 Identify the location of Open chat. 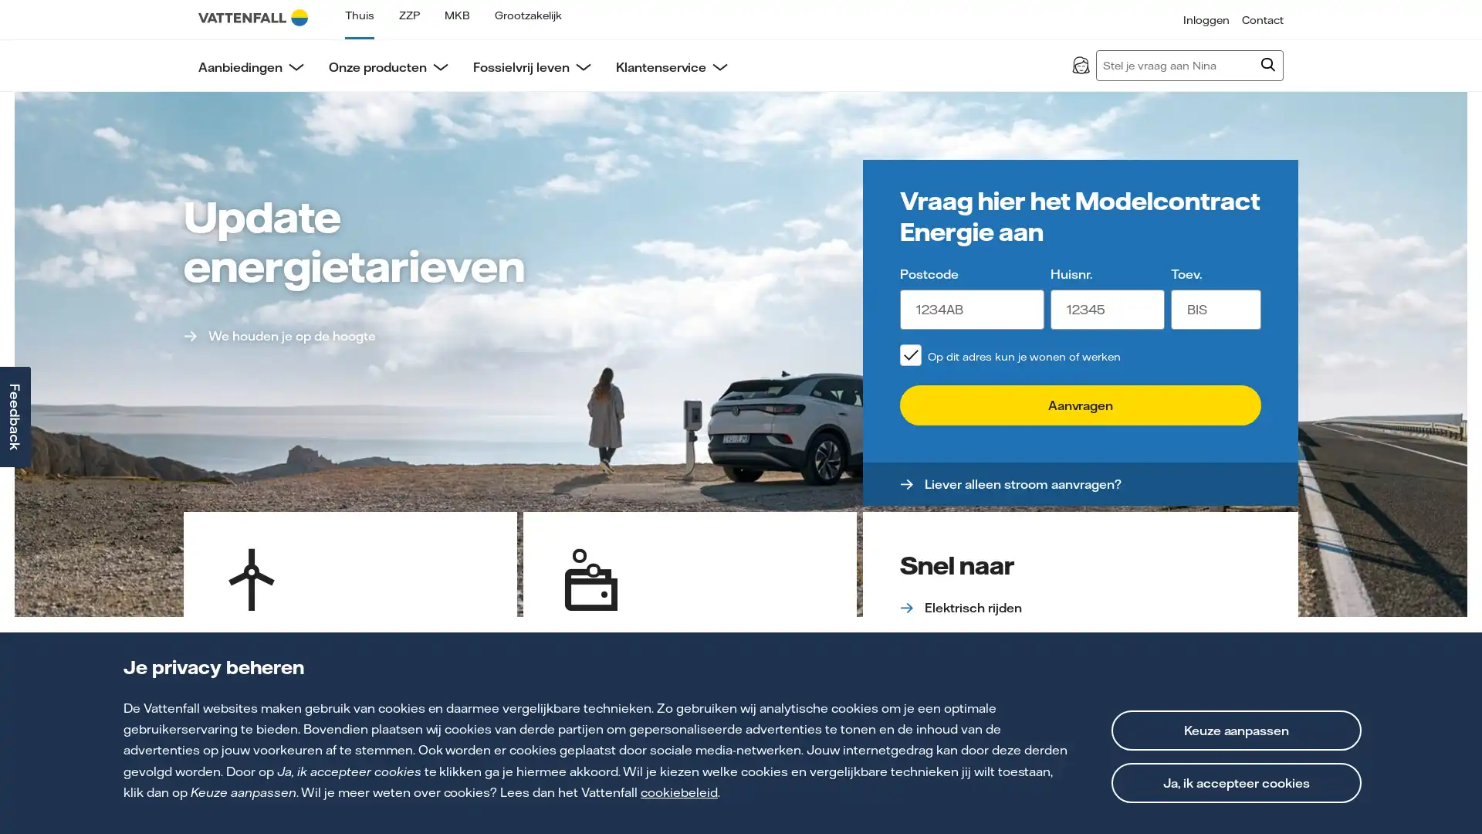
(1420, 785).